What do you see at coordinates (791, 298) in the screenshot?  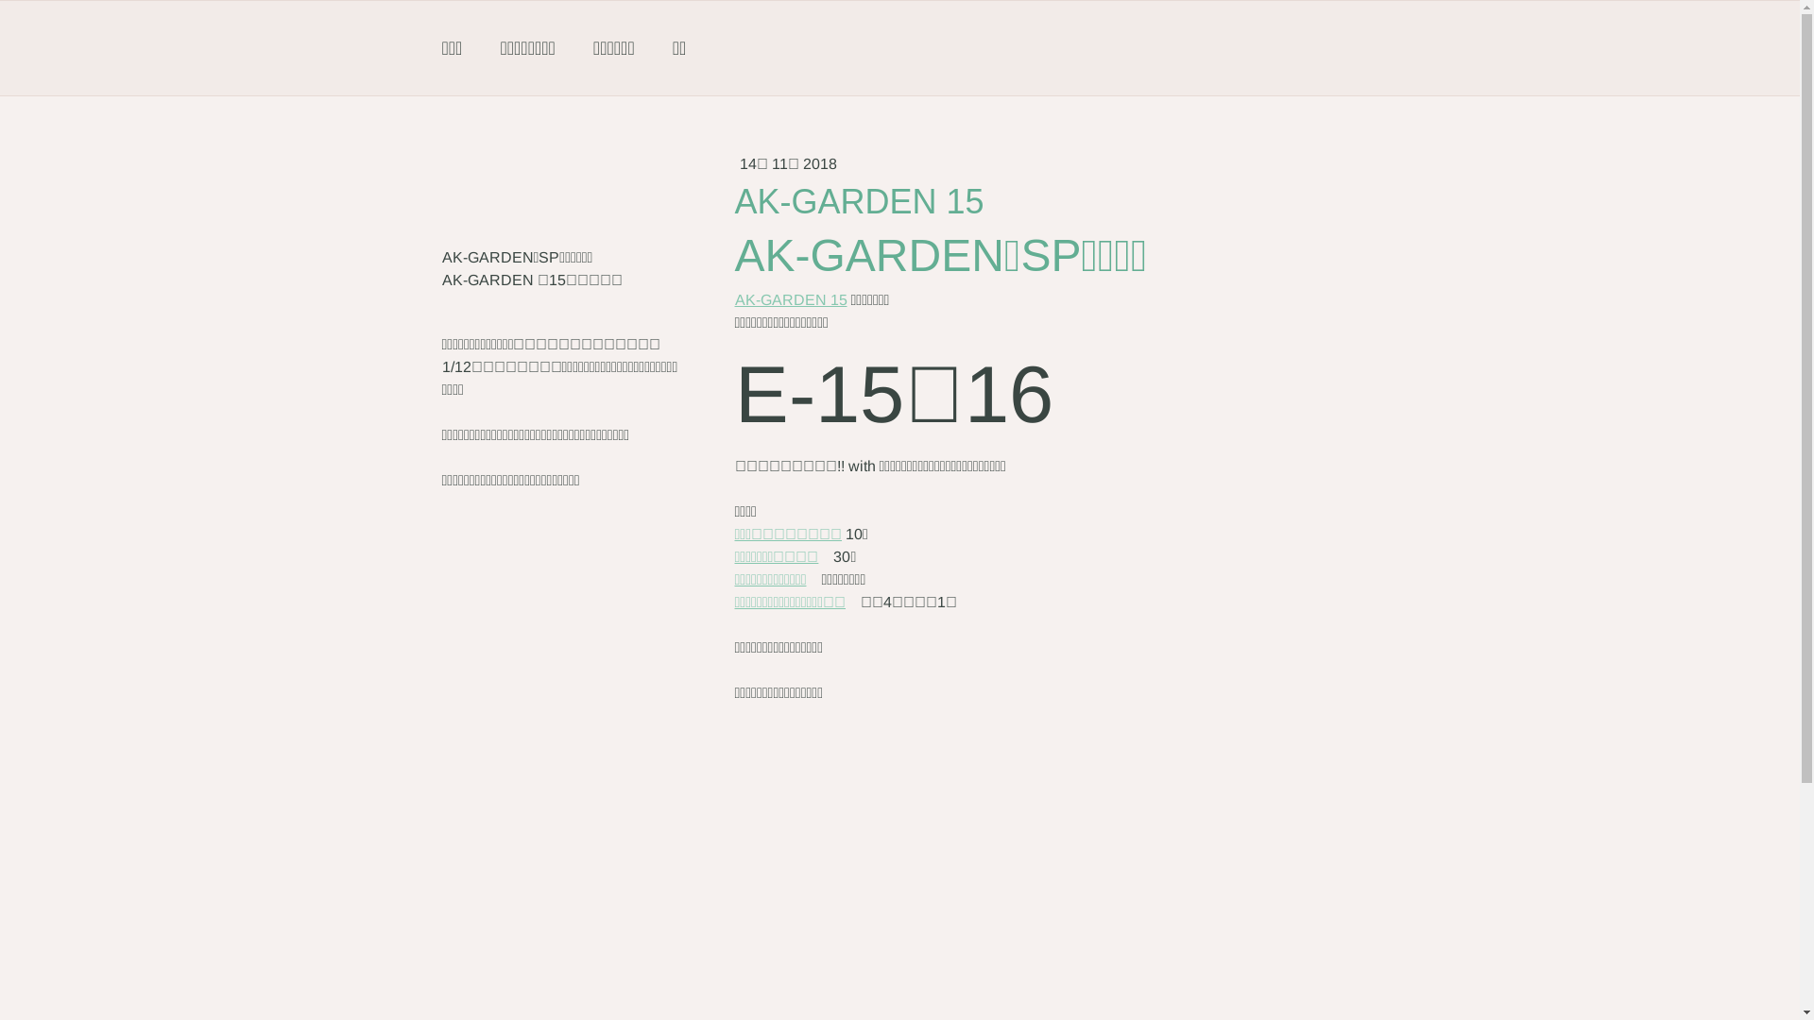 I see `'AK-GARDEN 15'` at bounding box center [791, 298].